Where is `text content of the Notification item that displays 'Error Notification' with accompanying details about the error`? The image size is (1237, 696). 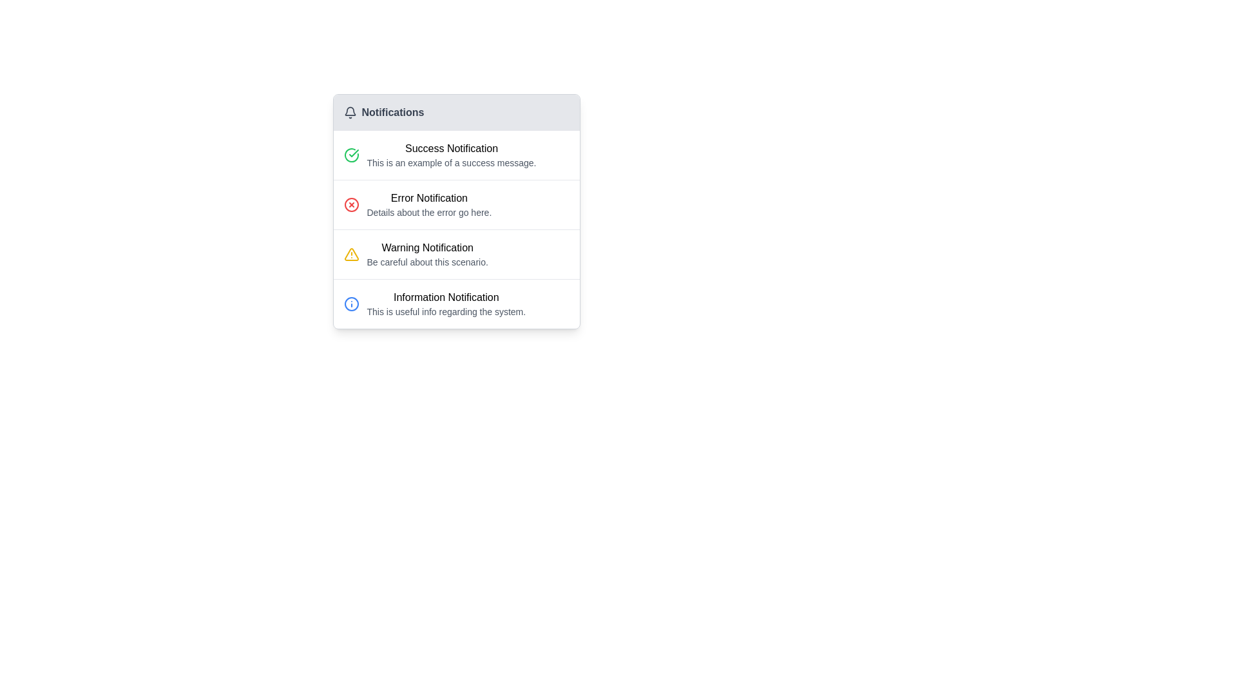
text content of the Notification item that displays 'Error Notification' with accompanying details about the error is located at coordinates (429, 204).